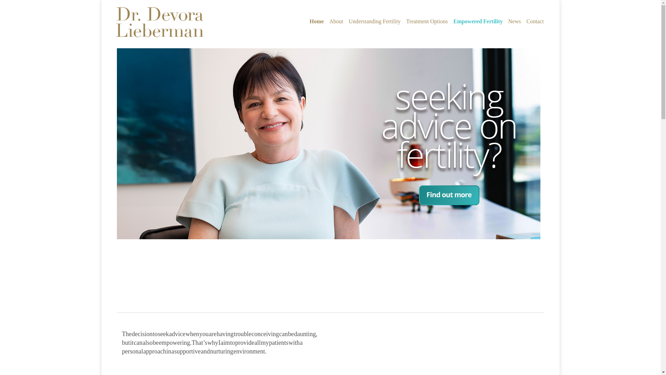  Describe the element at coordinates (477, 21) in the screenshot. I see `'Empowered Fertility'` at that location.